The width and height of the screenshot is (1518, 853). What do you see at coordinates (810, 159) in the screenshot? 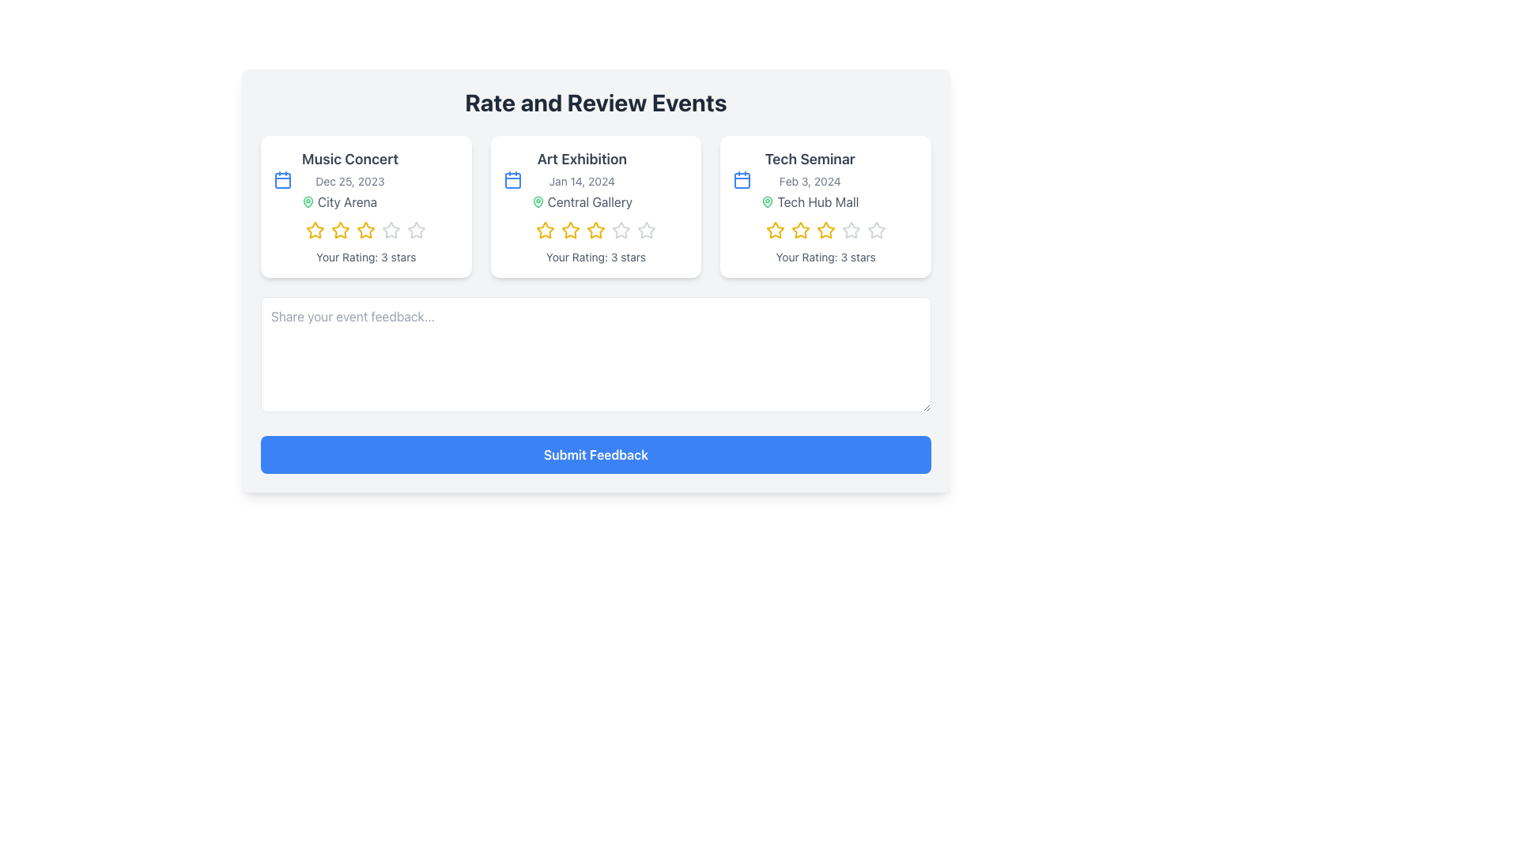
I see `the 'Tech Seminar' text label, which is prominently displayed in bold font within the third event card of the 'Rate and Review Events' section` at bounding box center [810, 159].